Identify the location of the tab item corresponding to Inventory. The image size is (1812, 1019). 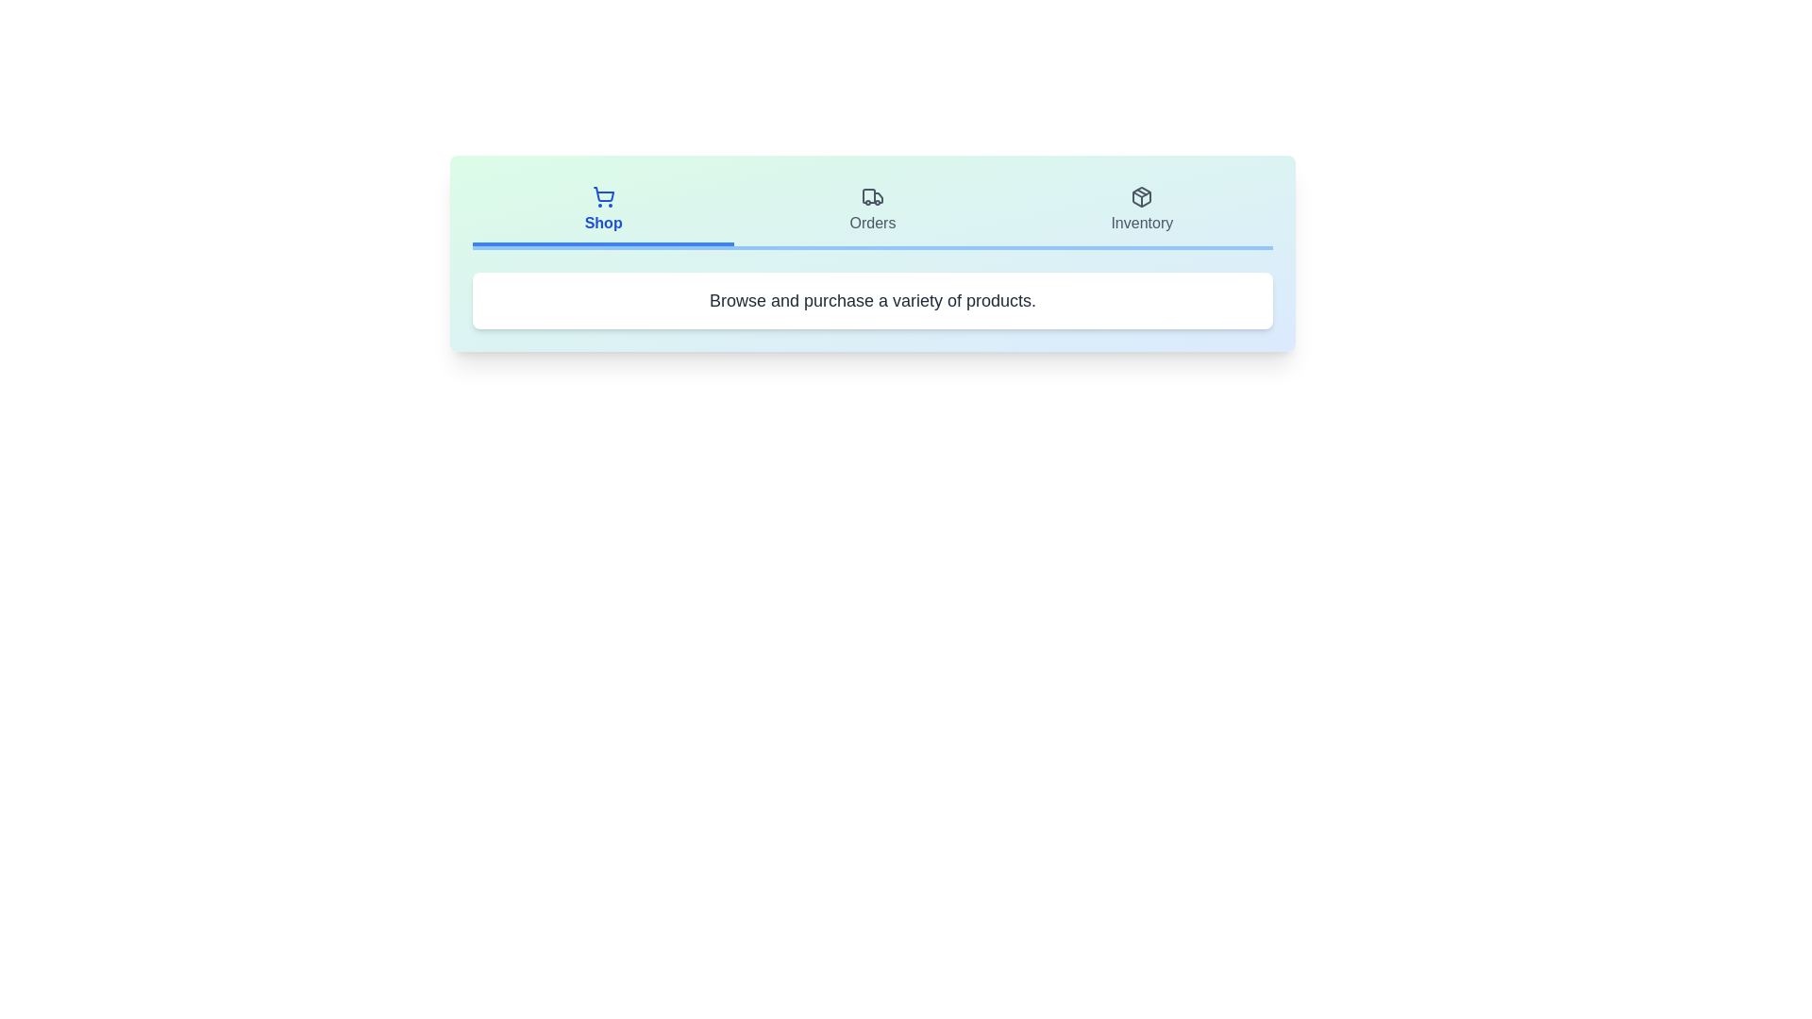
(1141, 211).